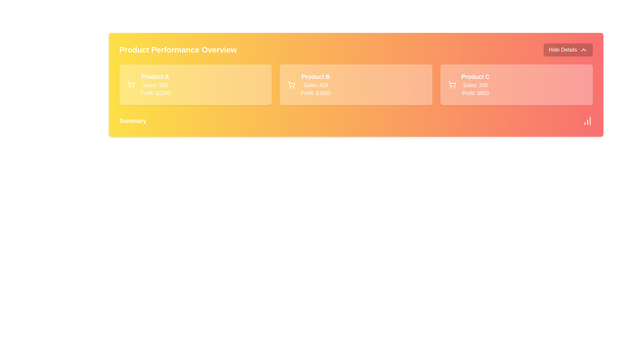  What do you see at coordinates (131, 84) in the screenshot?
I see `the shopping cart icon located at the top-left corner of the card labeled 'Product A', which features a simplistic line-art style with wheels and a basket shape` at bounding box center [131, 84].